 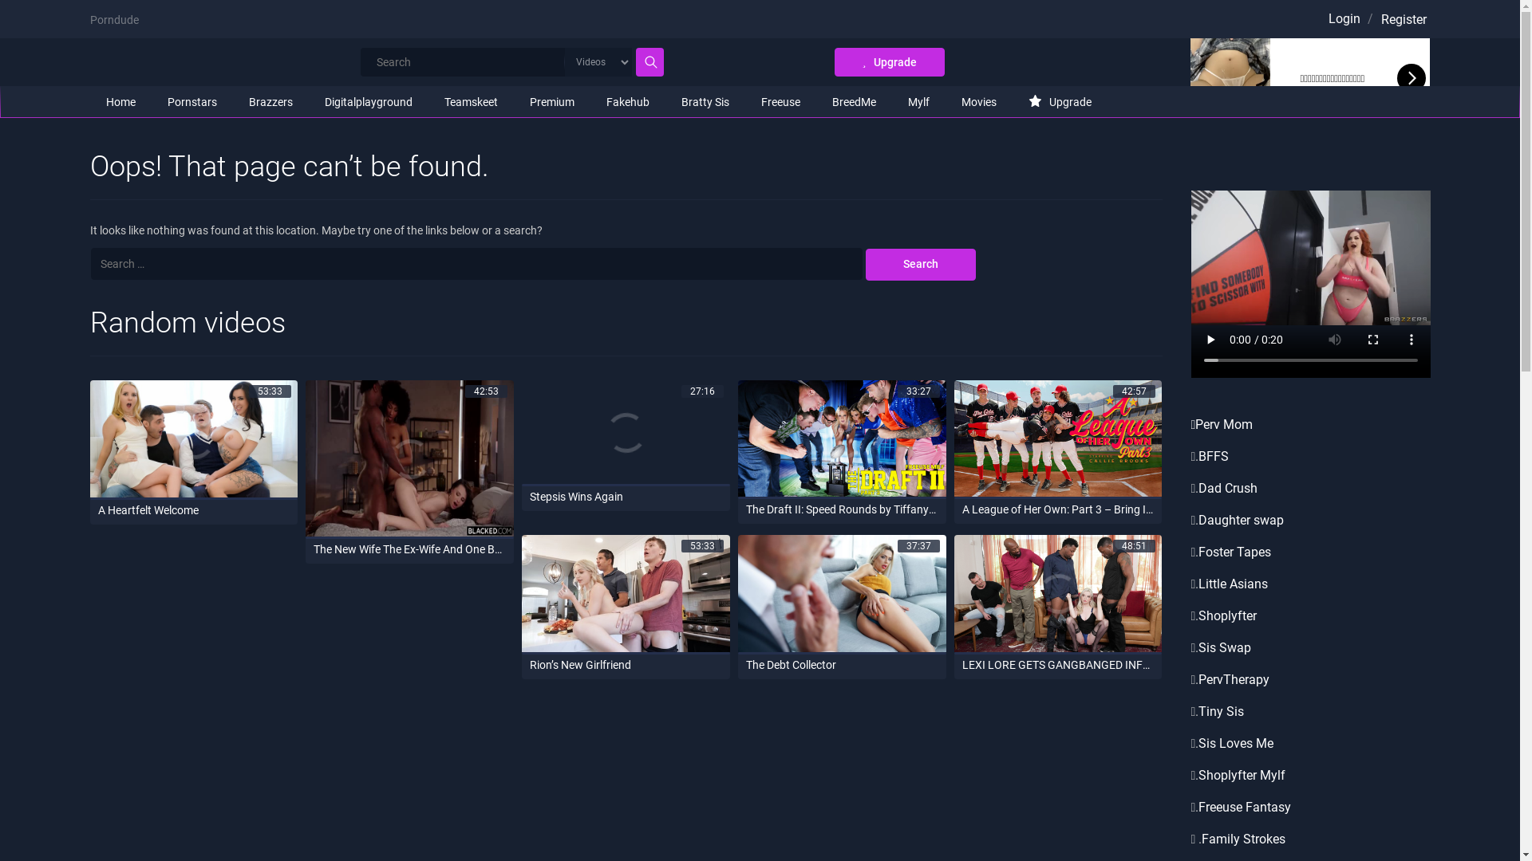 I want to click on 'Foster Tapes', so click(x=1234, y=551).